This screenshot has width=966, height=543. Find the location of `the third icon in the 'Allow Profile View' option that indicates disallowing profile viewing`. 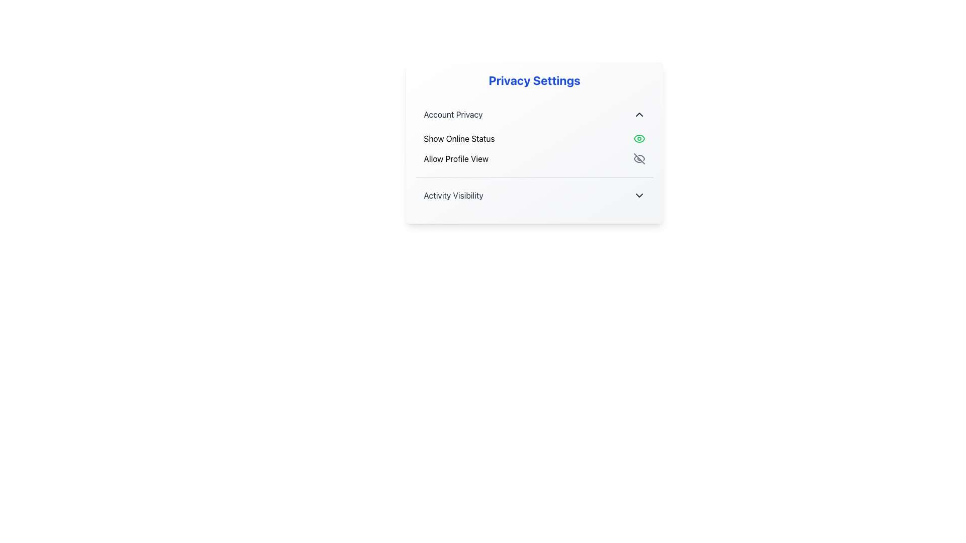

the third icon in the 'Allow Profile View' option that indicates disallowing profile viewing is located at coordinates (637, 158).